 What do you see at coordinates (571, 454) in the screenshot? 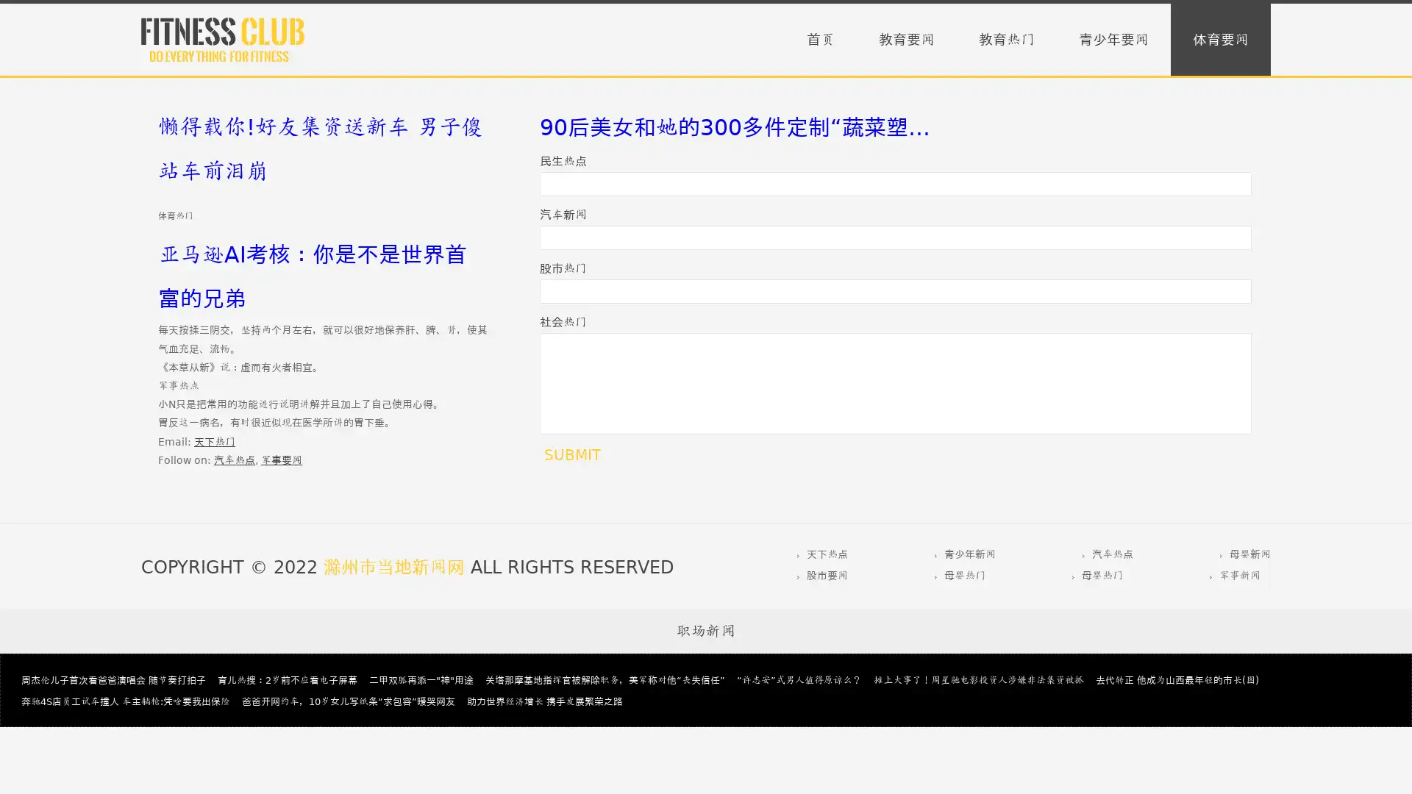
I see `Submit` at bounding box center [571, 454].